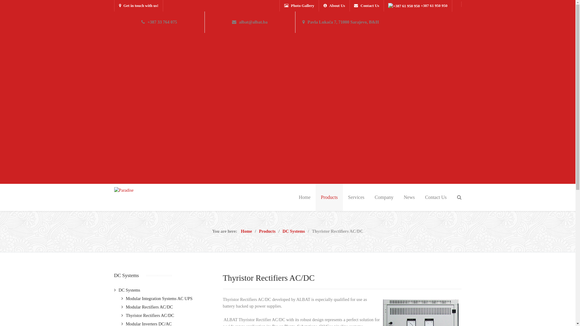 Image resolution: width=580 pixels, height=326 pixels. Describe the element at coordinates (369, 197) in the screenshot. I see `'Company'` at that location.